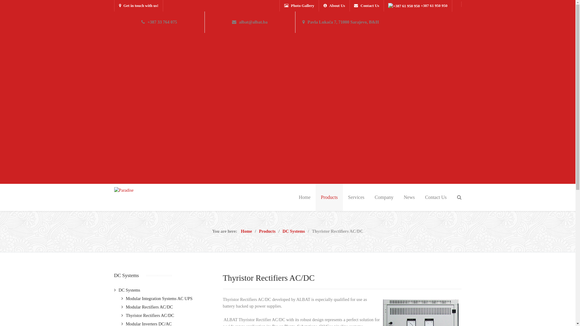 Image resolution: width=580 pixels, height=326 pixels. Describe the element at coordinates (369, 197) in the screenshot. I see `'Company'` at that location.